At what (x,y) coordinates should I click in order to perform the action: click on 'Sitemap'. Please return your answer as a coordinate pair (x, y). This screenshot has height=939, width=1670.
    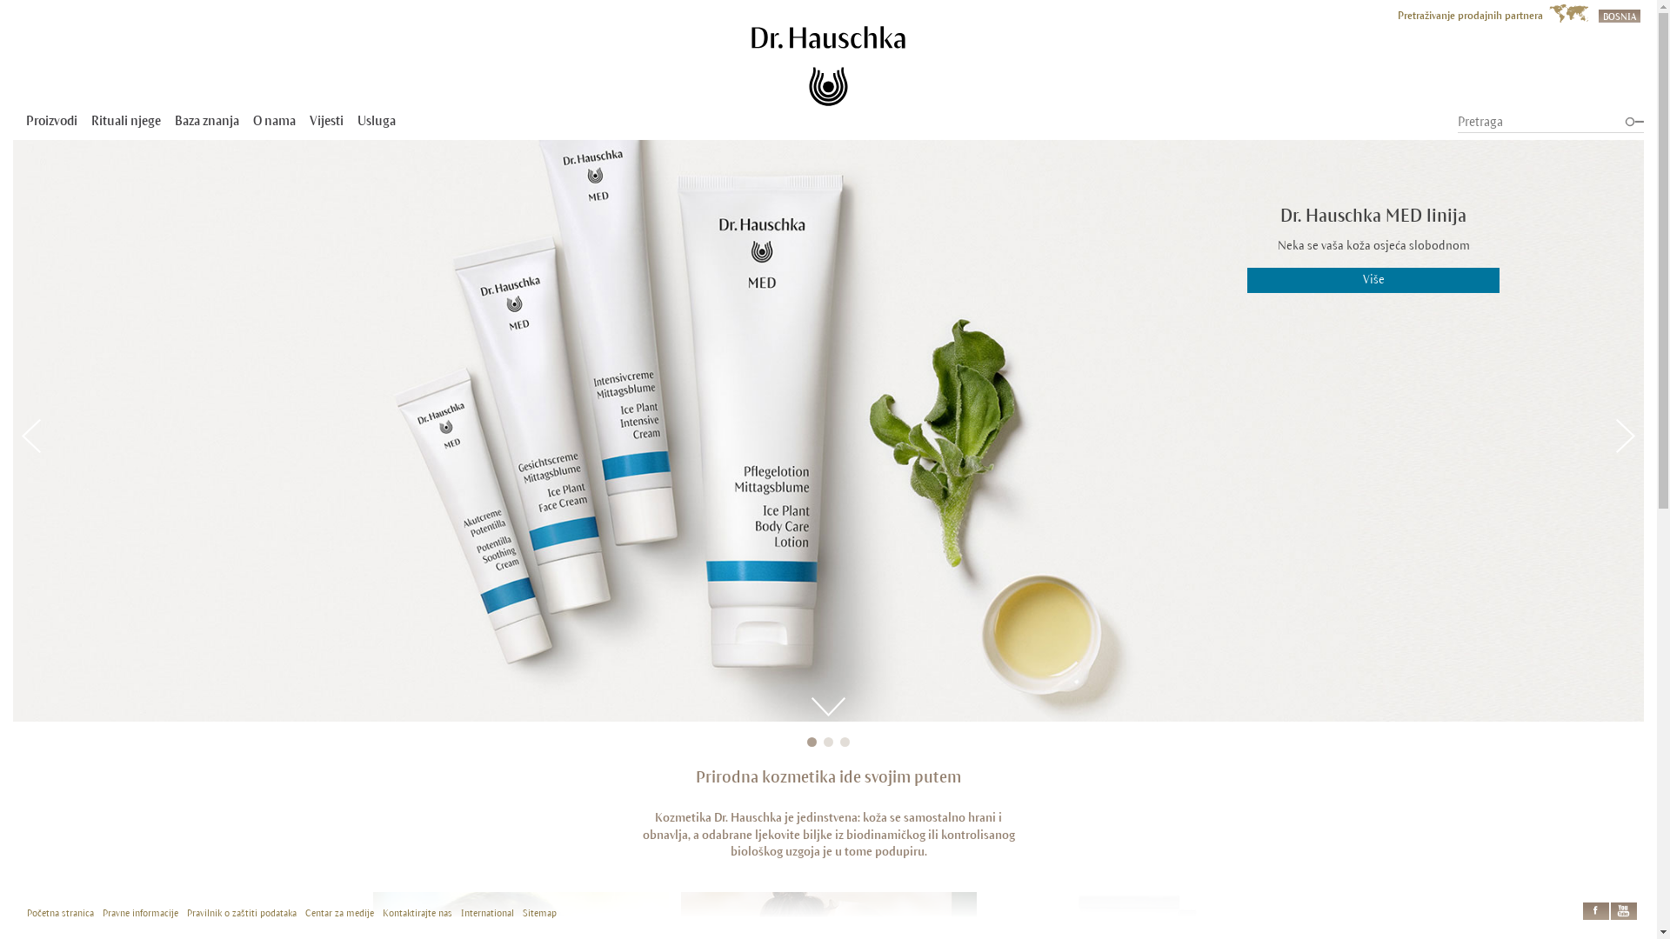
    Looking at the image, I should click on (538, 912).